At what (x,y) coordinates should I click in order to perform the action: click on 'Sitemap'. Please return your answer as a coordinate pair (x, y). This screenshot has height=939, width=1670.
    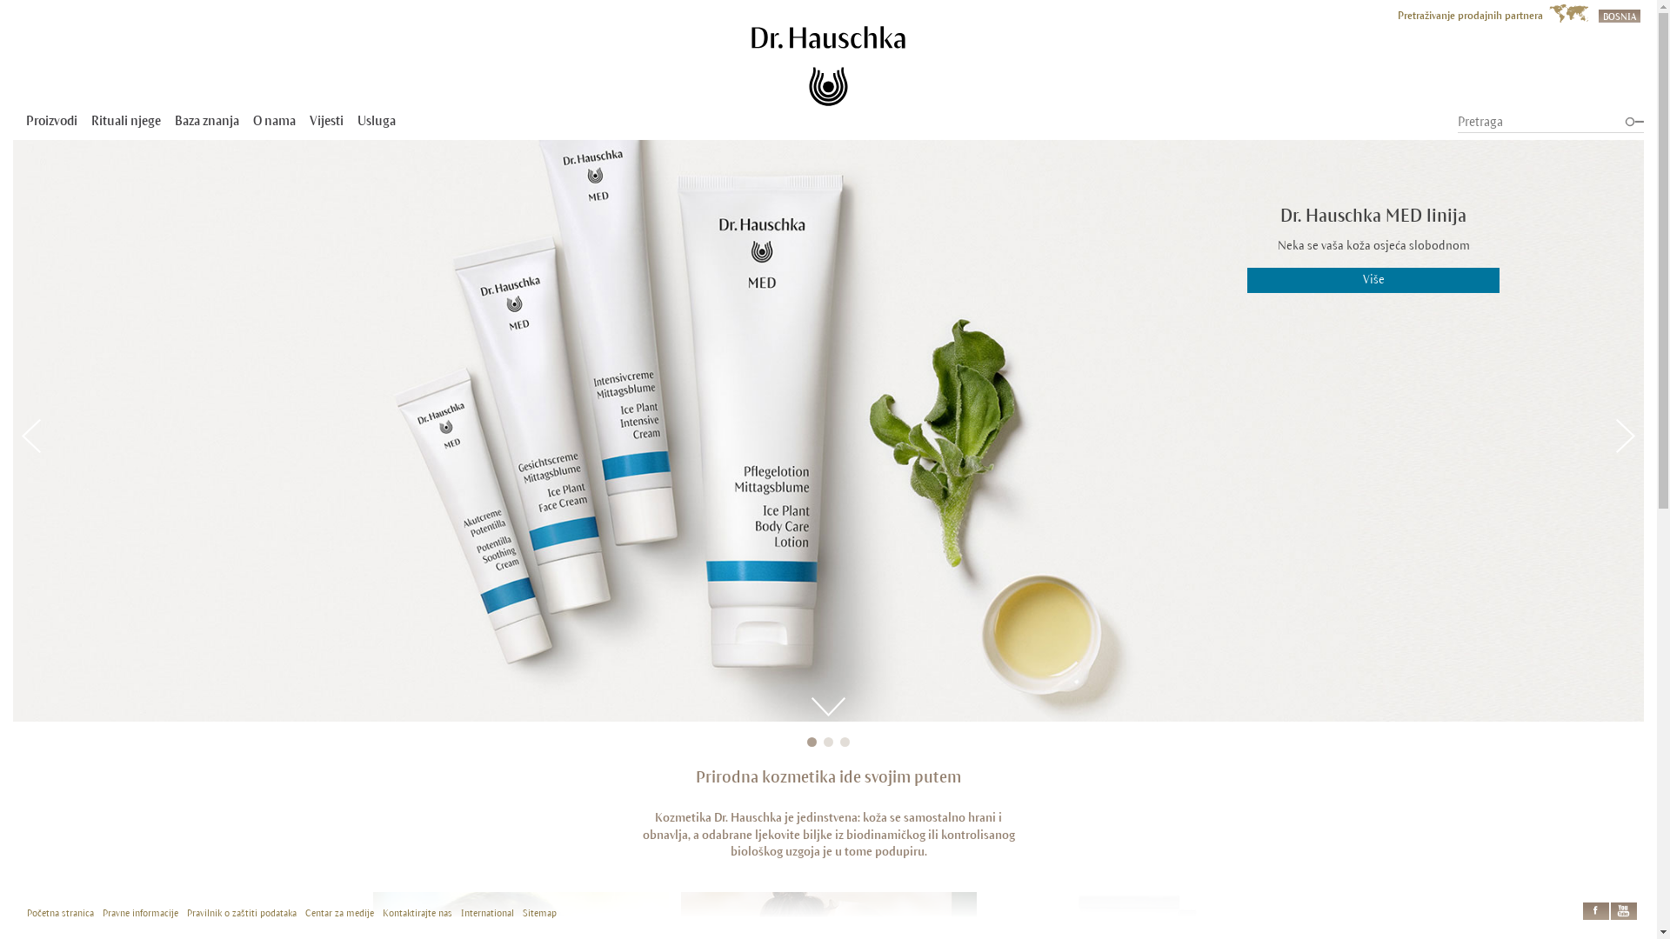
    Looking at the image, I should click on (538, 912).